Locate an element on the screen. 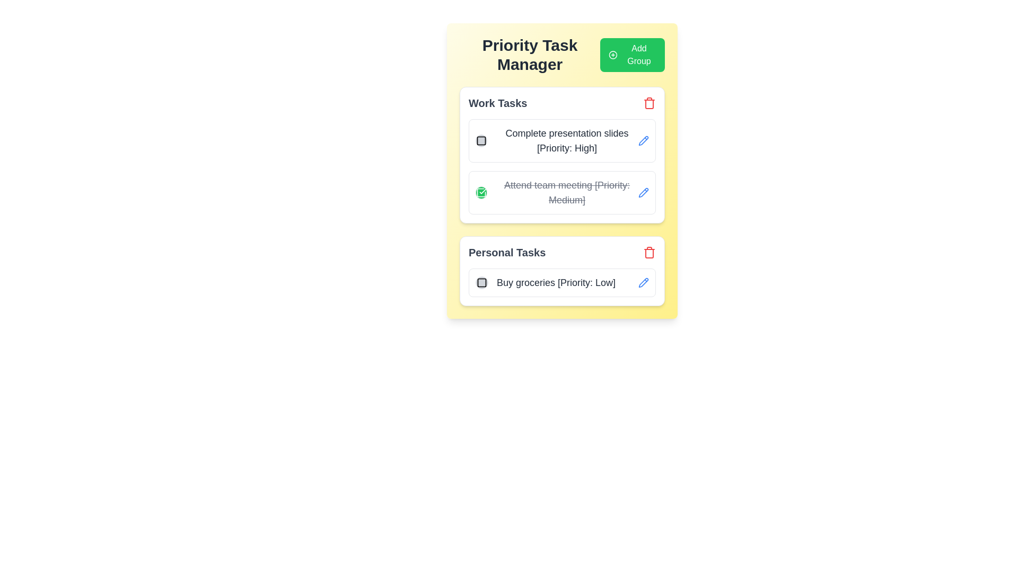  the green circular checkbox button with a checkmark icon to mark the task 'Attend team meeting [Priority: Medium]' as completed is located at coordinates (480, 192).